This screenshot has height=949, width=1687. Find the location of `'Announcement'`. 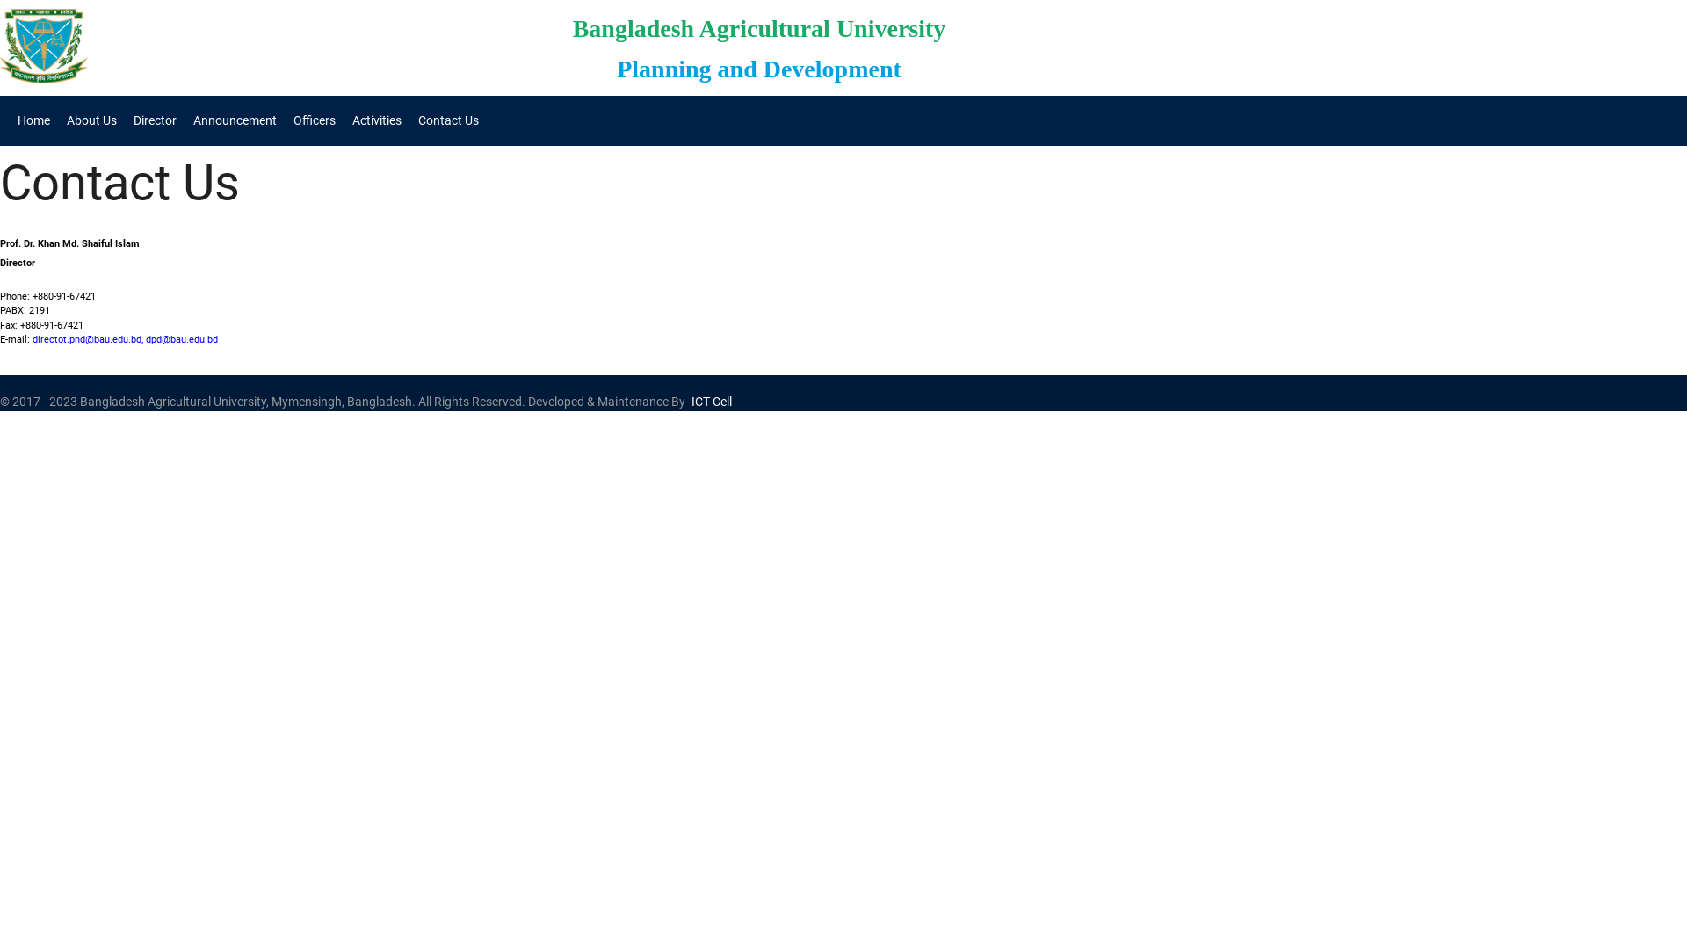

'Announcement' is located at coordinates (185, 120).